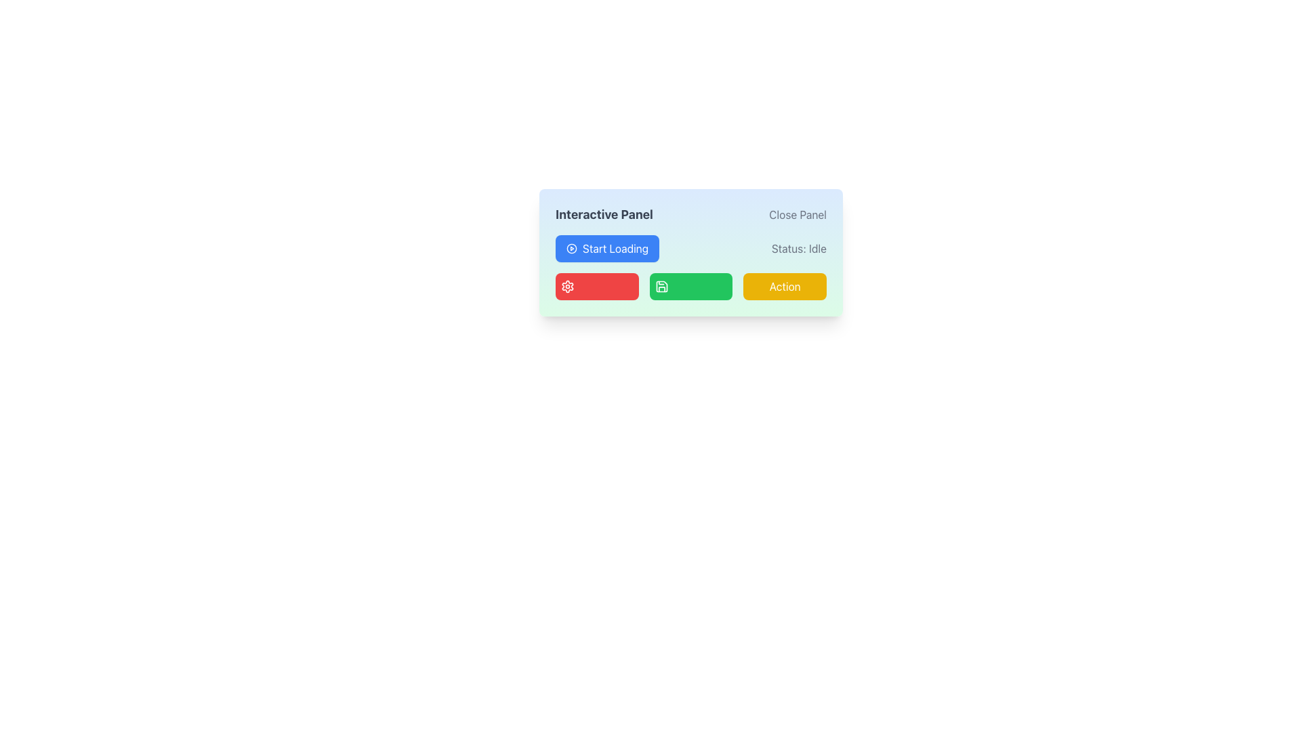 This screenshot has height=732, width=1301. What do you see at coordinates (785, 286) in the screenshot?
I see `the bright yellow button labeled 'Action', which is the third button in a row of three` at bounding box center [785, 286].